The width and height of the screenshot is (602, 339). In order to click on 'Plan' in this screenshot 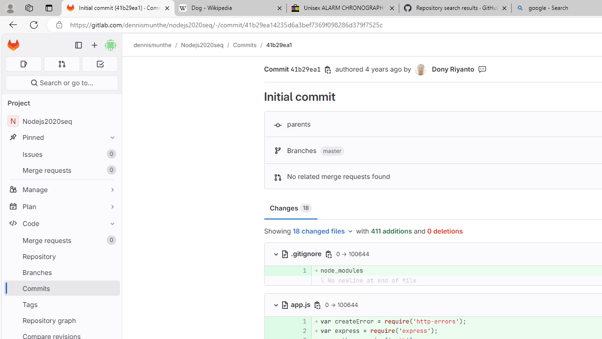, I will do `click(61, 206)`.